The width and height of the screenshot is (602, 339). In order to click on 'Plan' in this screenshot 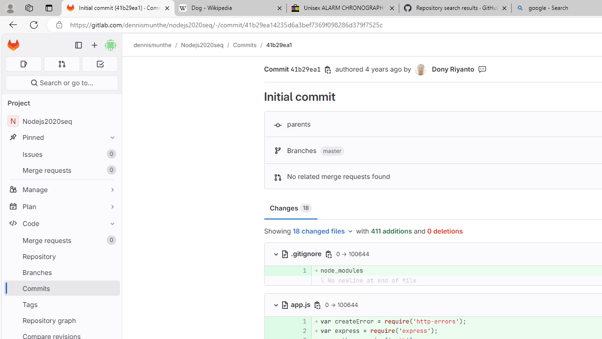, I will do `click(61, 206)`.